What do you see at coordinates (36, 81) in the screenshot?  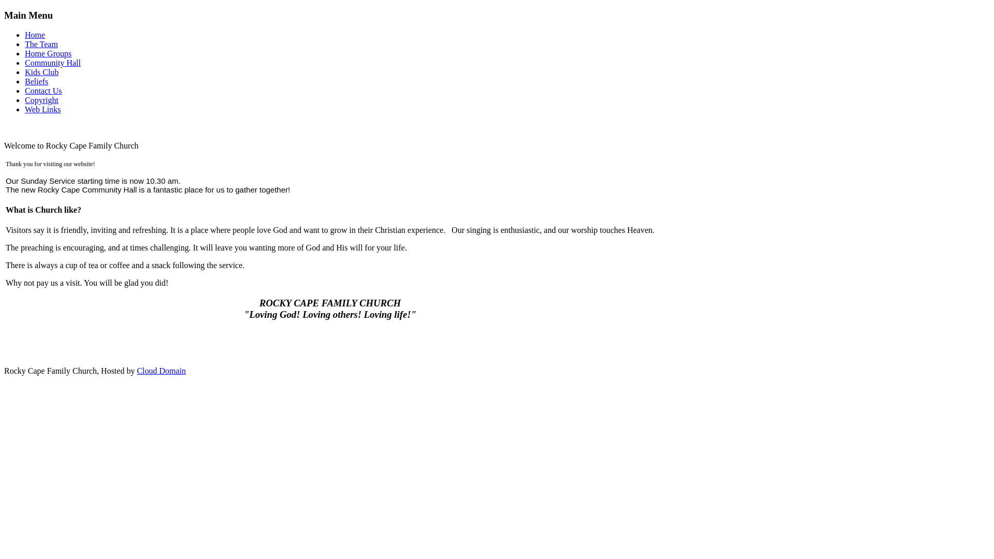 I see `'Beliefs'` at bounding box center [36, 81].